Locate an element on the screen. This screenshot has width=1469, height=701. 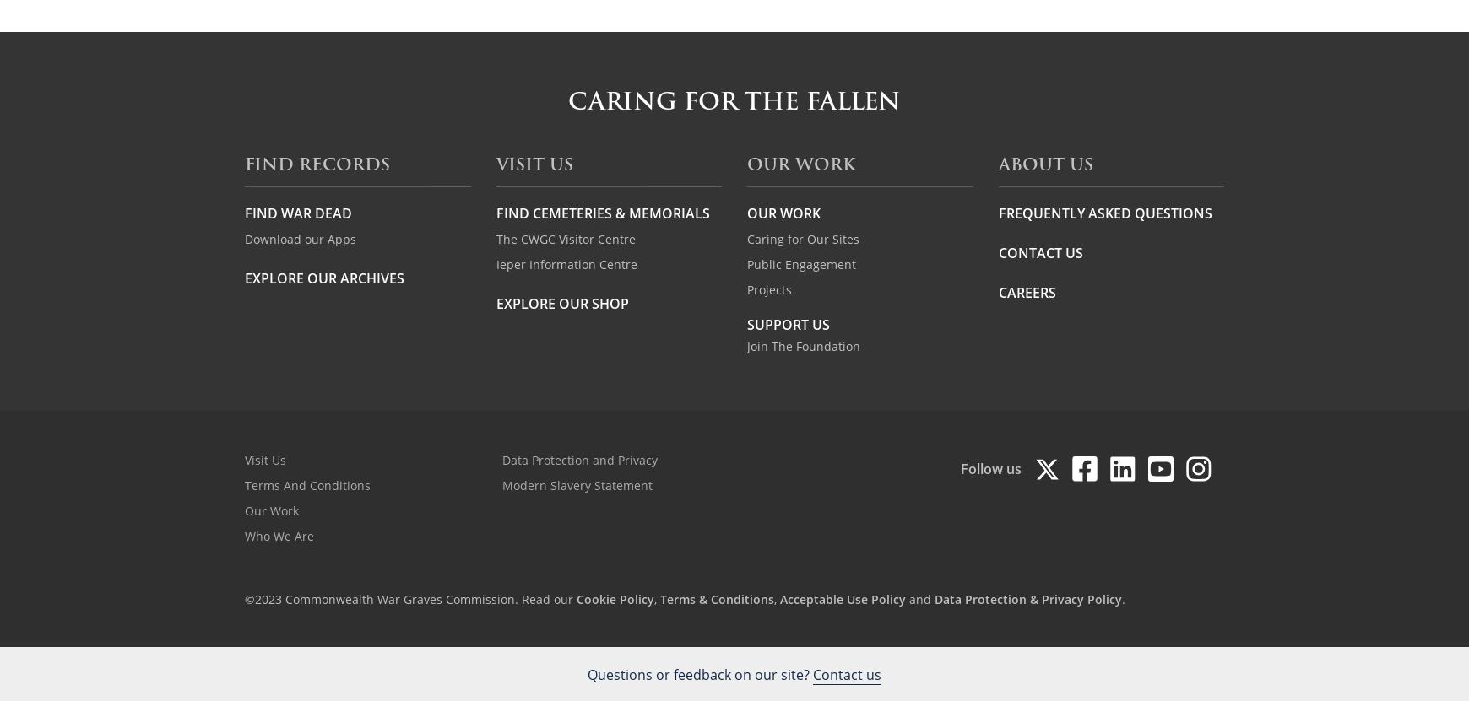
'Our work' is located at coordinates (800, 164).